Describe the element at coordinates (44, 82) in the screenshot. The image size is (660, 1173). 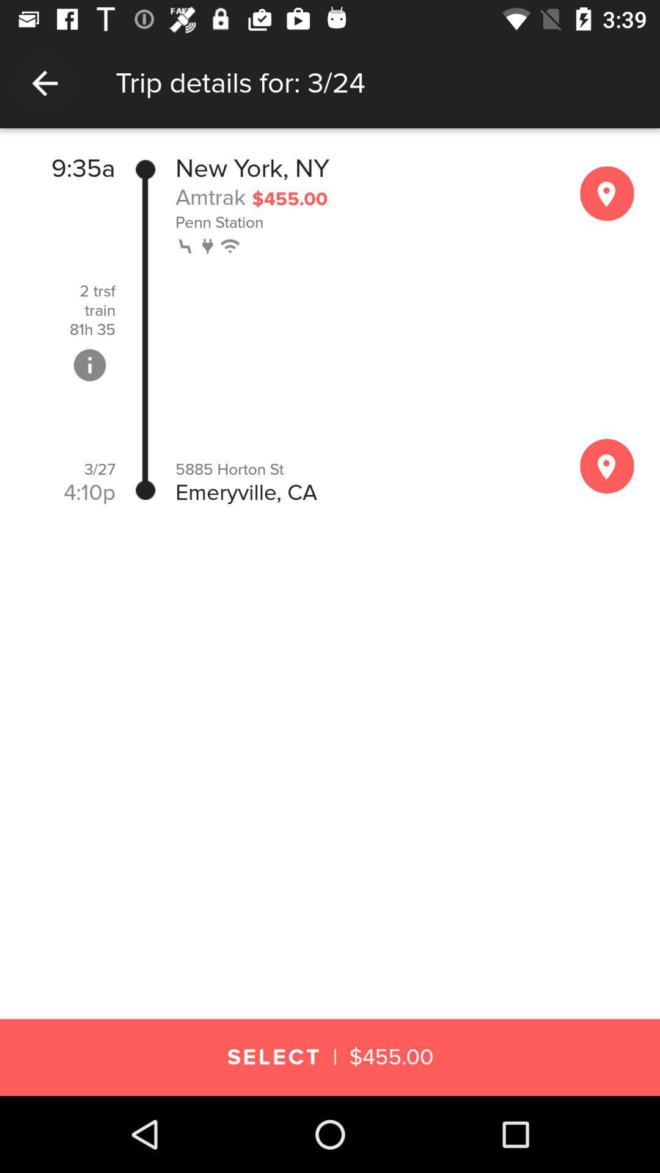
I see `go back` at that location.